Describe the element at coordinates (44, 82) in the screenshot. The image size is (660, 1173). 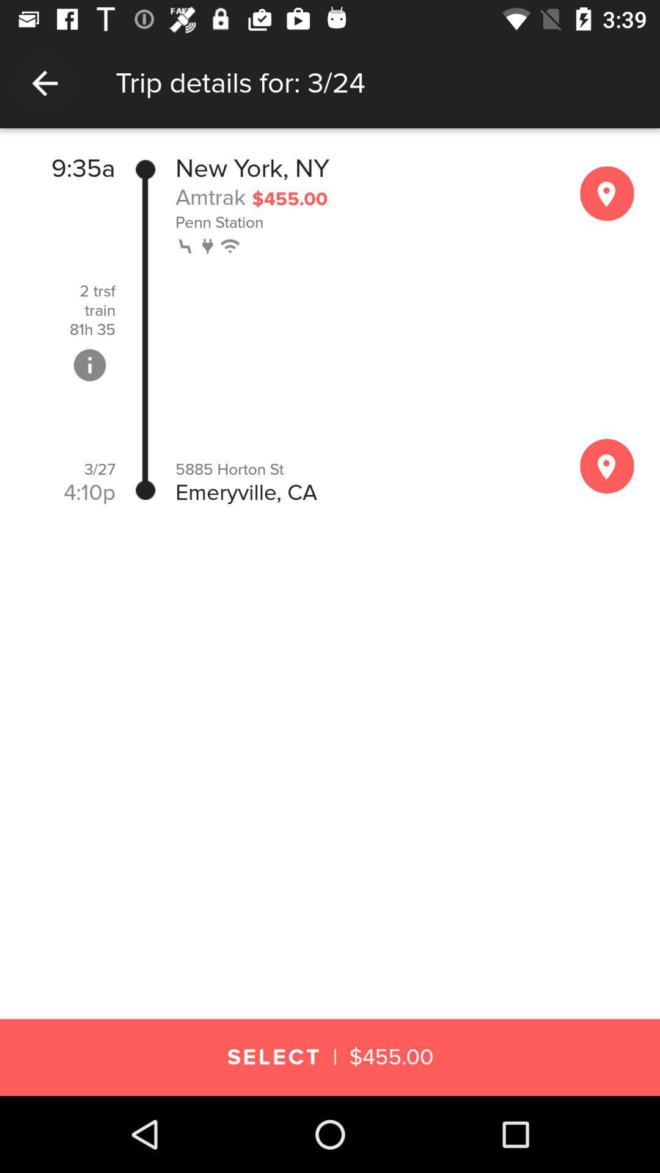
I see `go back` at that location.